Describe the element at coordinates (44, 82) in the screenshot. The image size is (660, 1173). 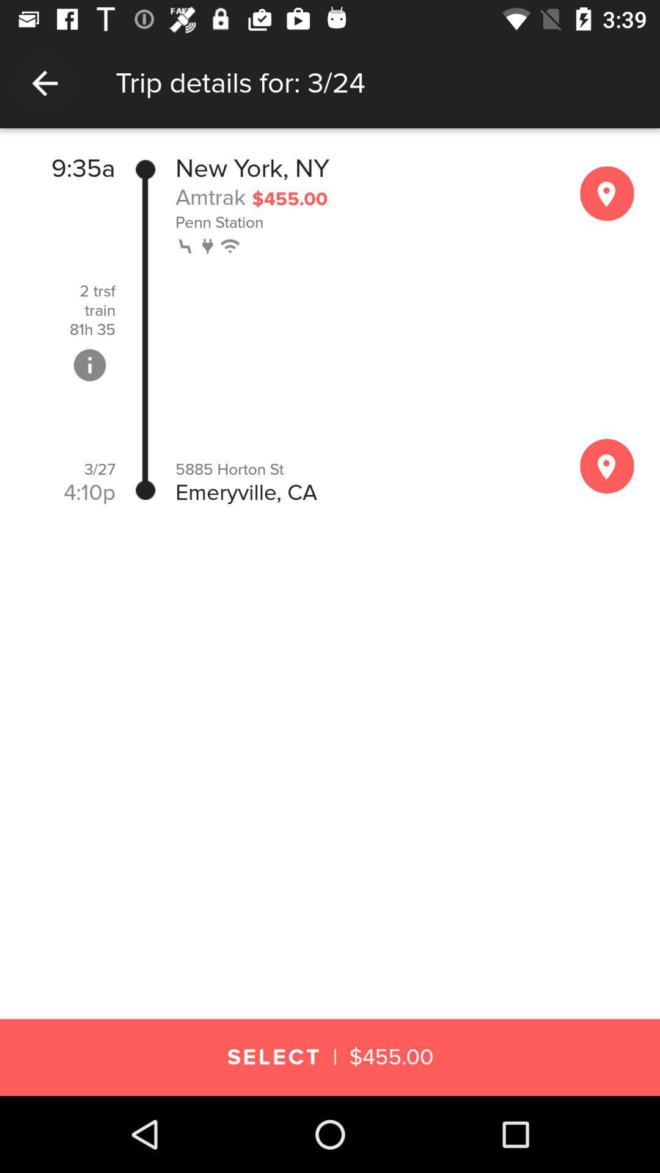
I see `go back` at that location.